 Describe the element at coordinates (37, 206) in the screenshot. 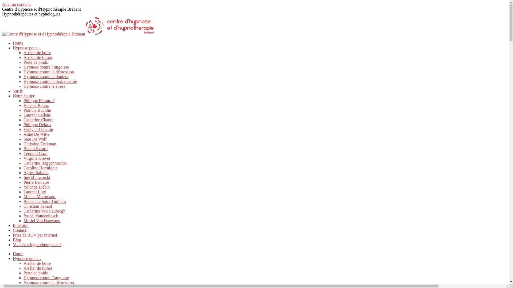

I see `'Christian Semail'` at that location.